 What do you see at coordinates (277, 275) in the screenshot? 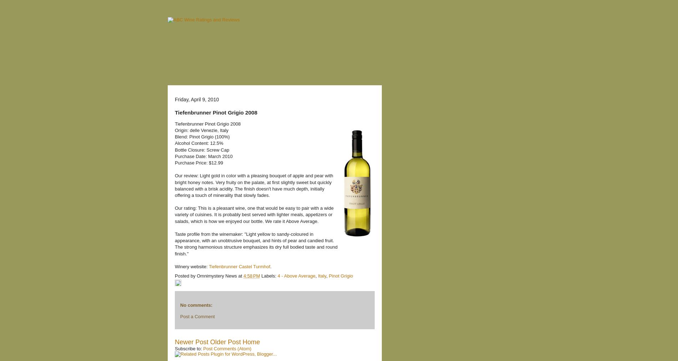
I see `'4 - Above Average'` at bounding box center [277, 275].